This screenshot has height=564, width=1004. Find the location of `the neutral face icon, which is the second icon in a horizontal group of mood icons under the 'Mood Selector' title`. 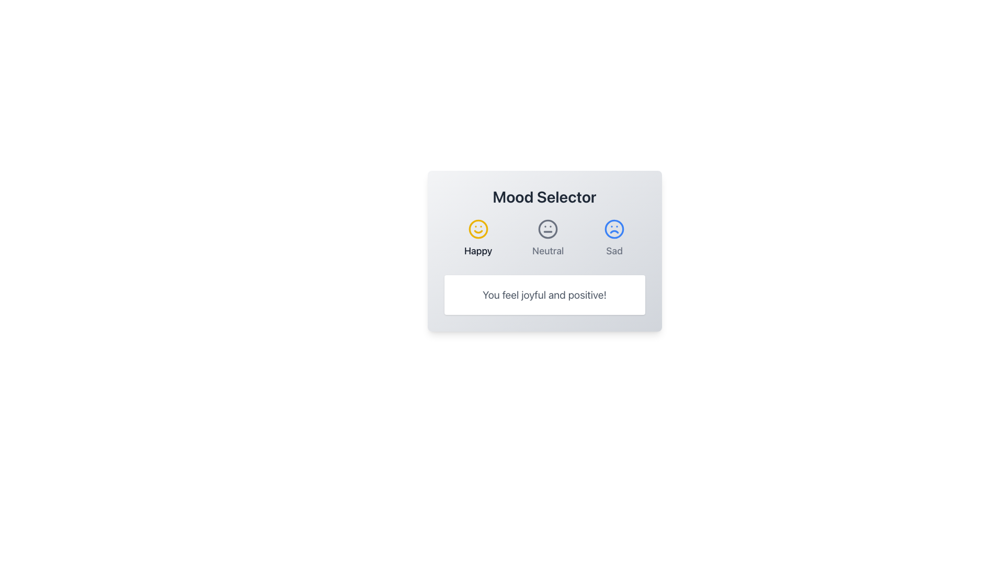

the neutral face icon, which is the second icon in a horizontal group of mood icons under the 'Mood Selector' title is located at coordinates (547, 229).